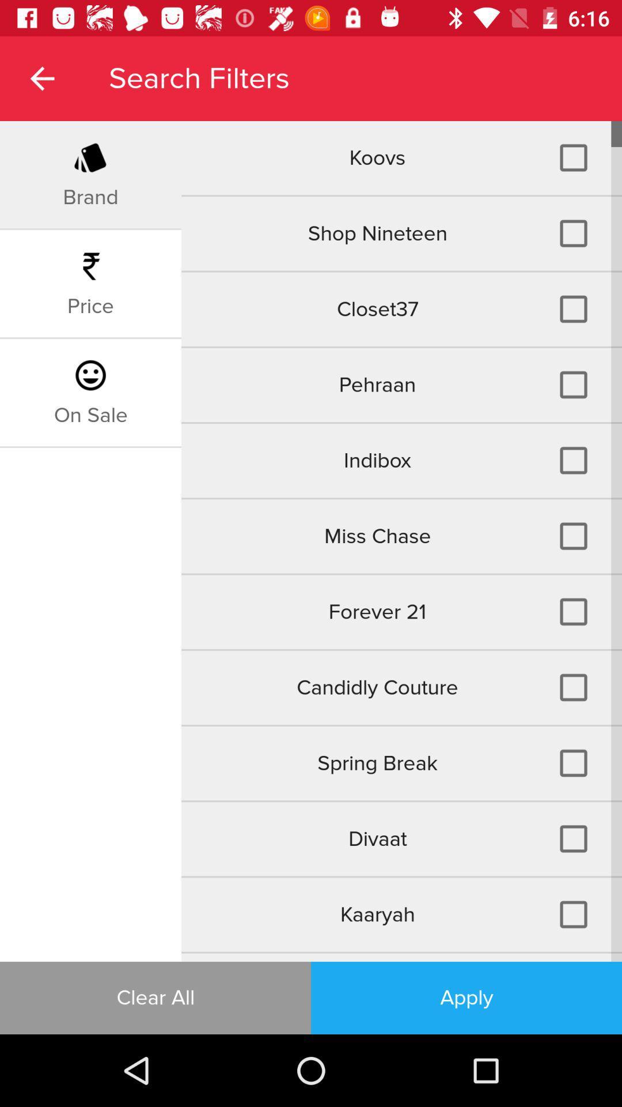 Image resolution: width=622 pixels, height=1107 pixels. What do you see at coordinates (401, 385) in the screenshot?
I see `the icon above the indibox icon` at bounding box center [401, 385].